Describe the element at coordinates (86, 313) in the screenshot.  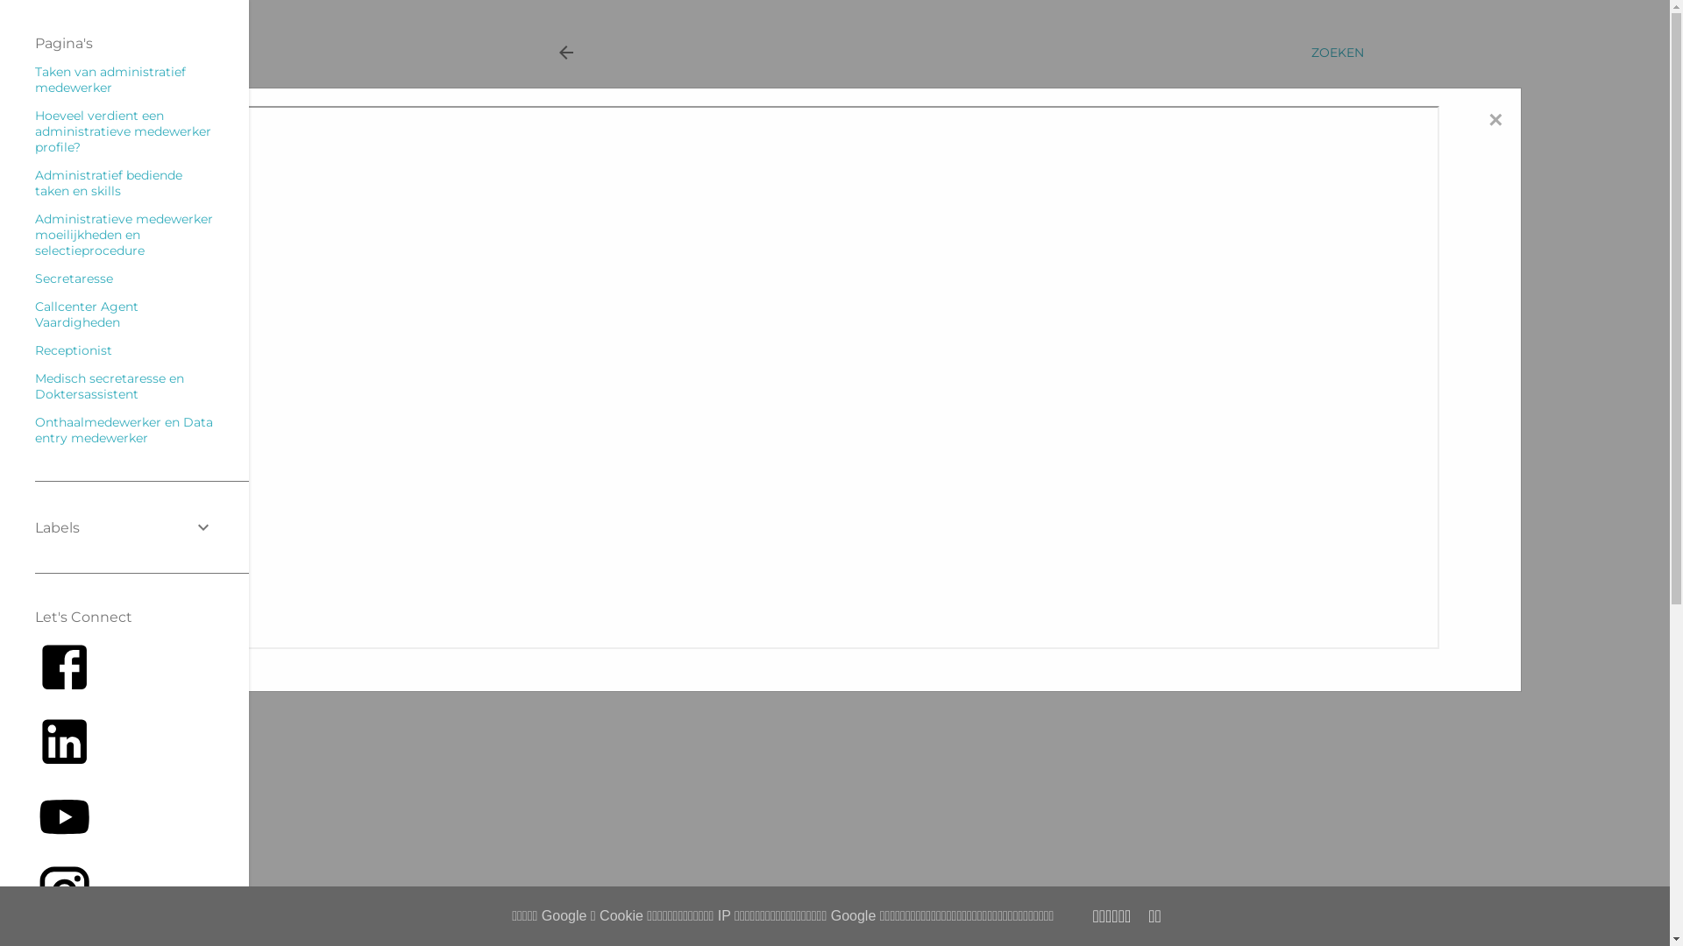
I see `'Callcenter Agent Vaardigheden'` at that location.